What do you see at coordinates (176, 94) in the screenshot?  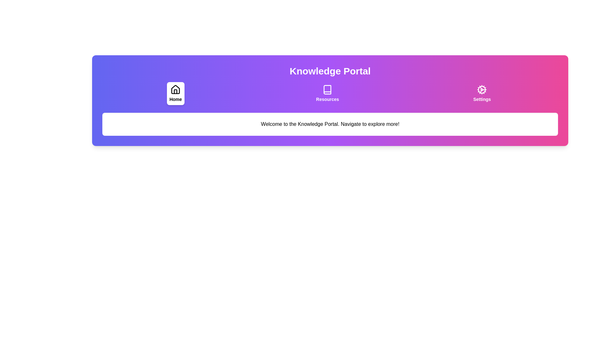 I see `the tab labeled Home` at bounding box center [176, 94].